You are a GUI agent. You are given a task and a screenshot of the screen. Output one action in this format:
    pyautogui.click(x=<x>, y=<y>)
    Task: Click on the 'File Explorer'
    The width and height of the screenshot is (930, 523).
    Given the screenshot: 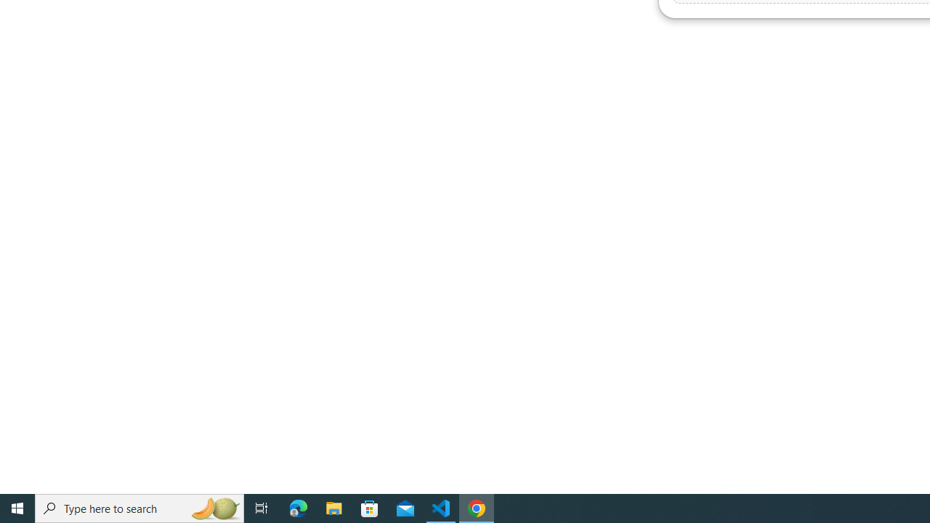 What is the action you would take?
    pyautogui.click(x=333, y=507)
    